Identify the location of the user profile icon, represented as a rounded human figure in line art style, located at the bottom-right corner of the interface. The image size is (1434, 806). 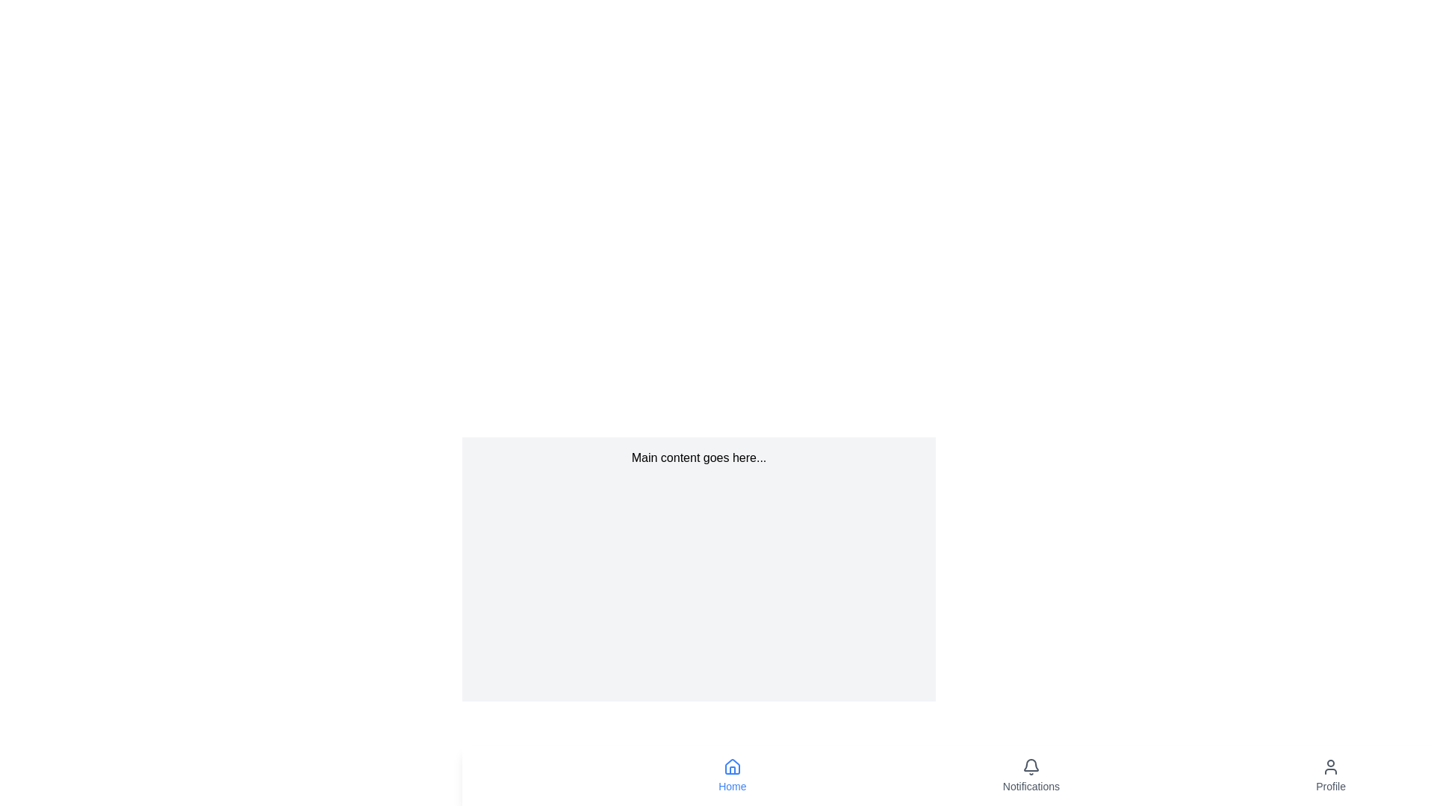
(1331, 767).